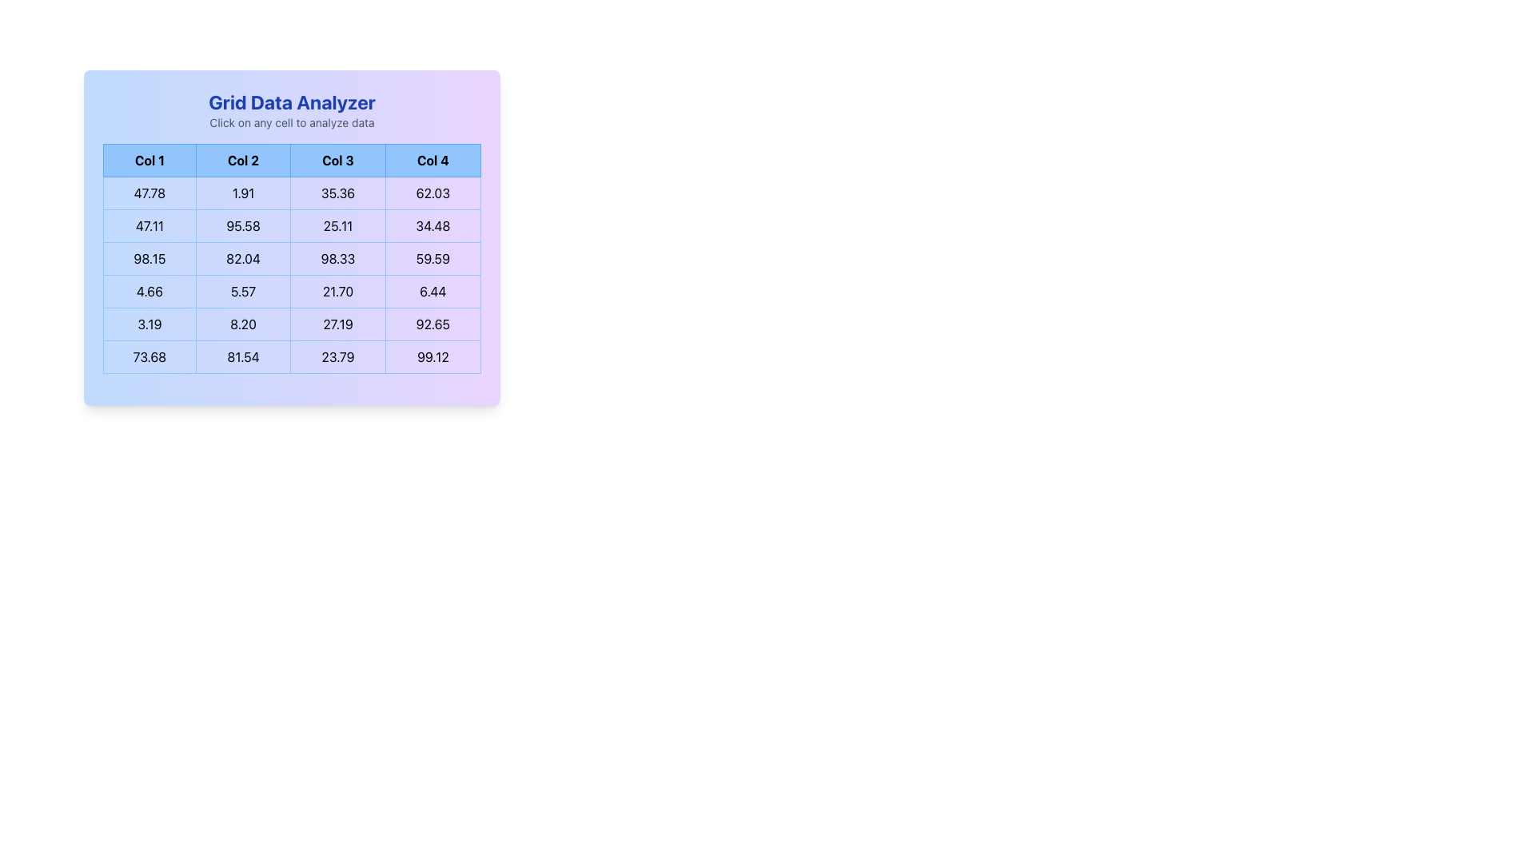 This screenshot has width=1535, height=863. I want to click on the Display cell that shows the numerical value '8.20', which is the second cell in the third row of a tabular grid, so click(242, 324).